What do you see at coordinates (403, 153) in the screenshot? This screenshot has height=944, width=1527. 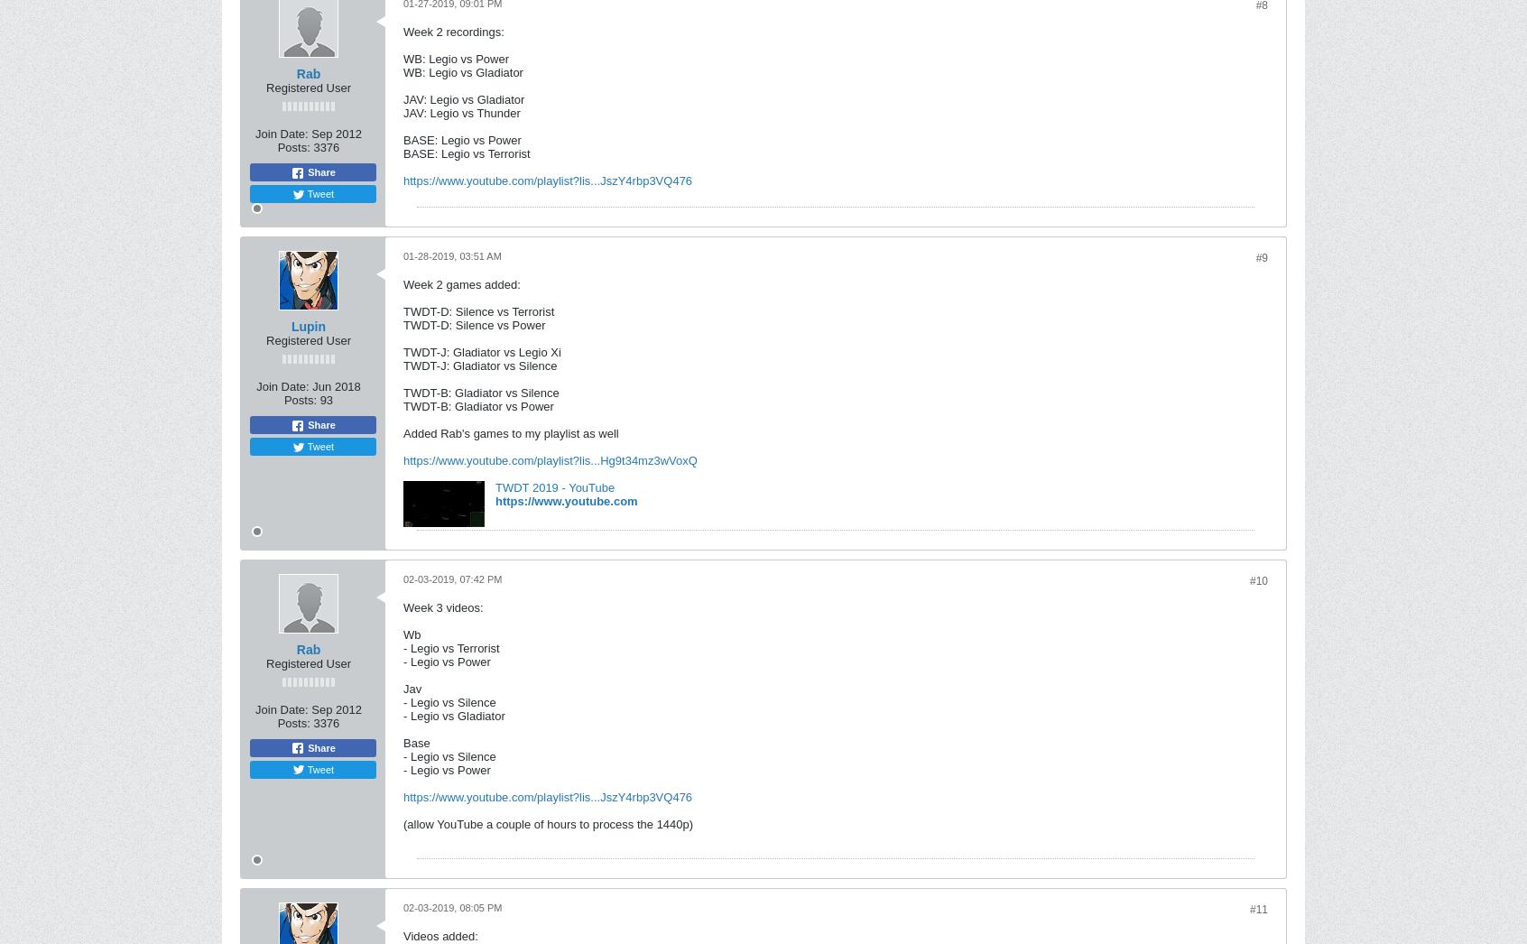 I see `'BASE: Legio vs Terrorist'` at bounding box center [403, 153].